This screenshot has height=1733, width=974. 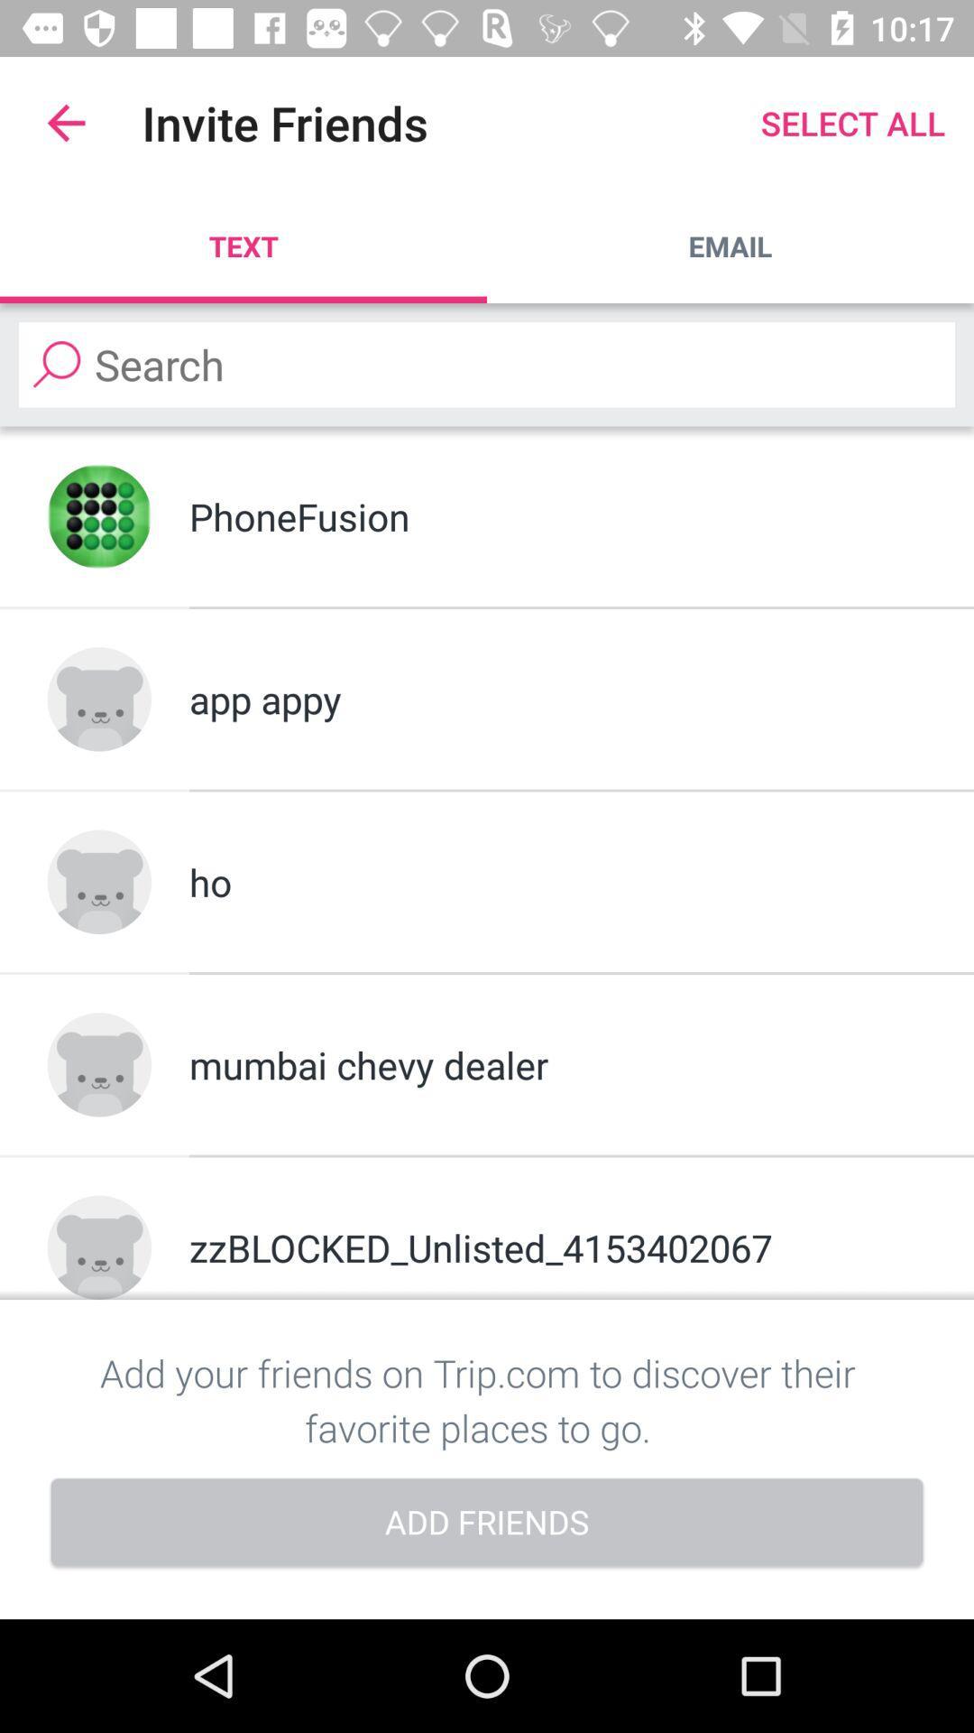 What do you see at coordinates (487, 1524) in the screenshot?
I see `add friends` at bounding box center [487, 1524].